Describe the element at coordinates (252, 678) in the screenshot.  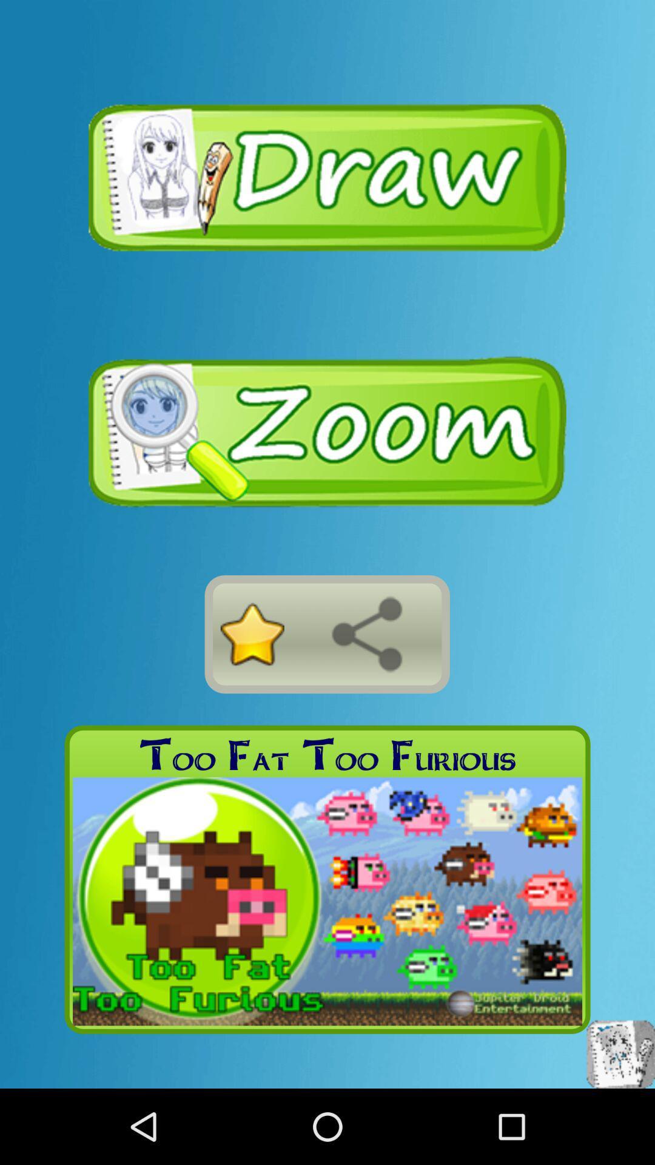
I see `the star icon` at that location.